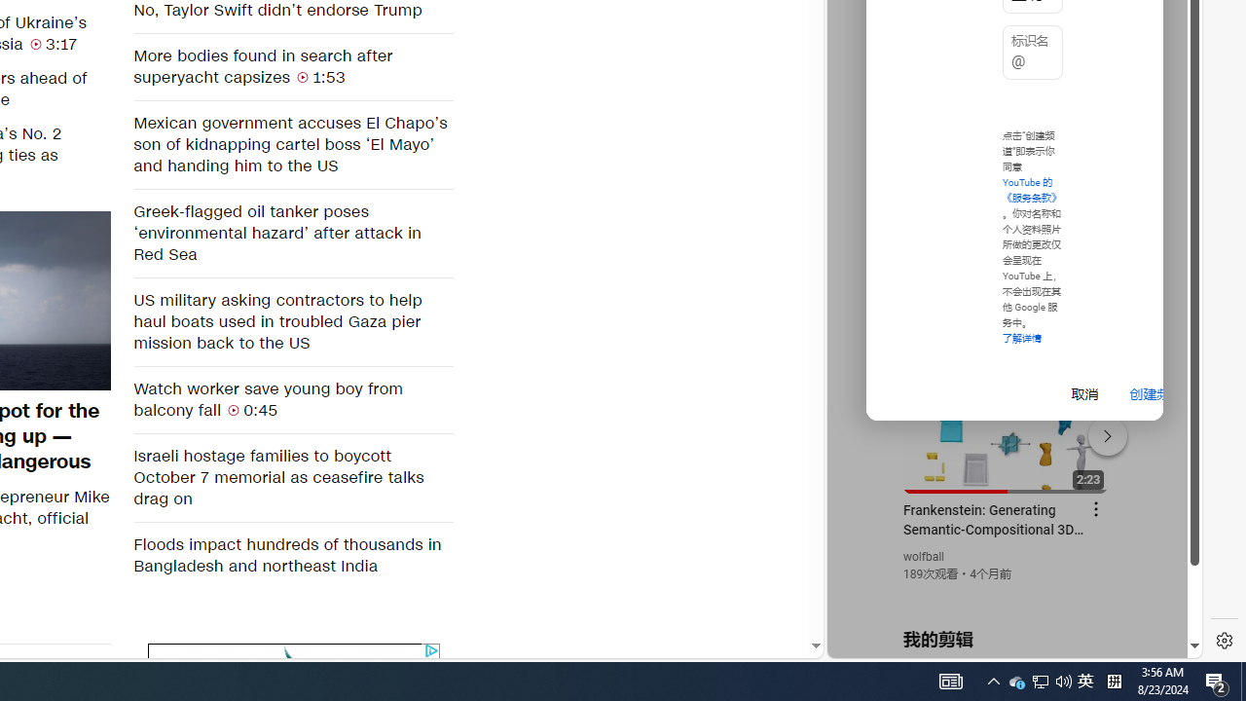  I want to click on 'Action Center, 2 new notifications', so click(1217, 680).